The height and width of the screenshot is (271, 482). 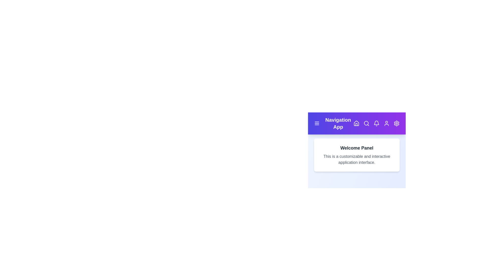 What do you see at coordinates (317, 123) in the screenshot?
I see `the menu icon to toggle the menu` at bounding box center [317, 123].